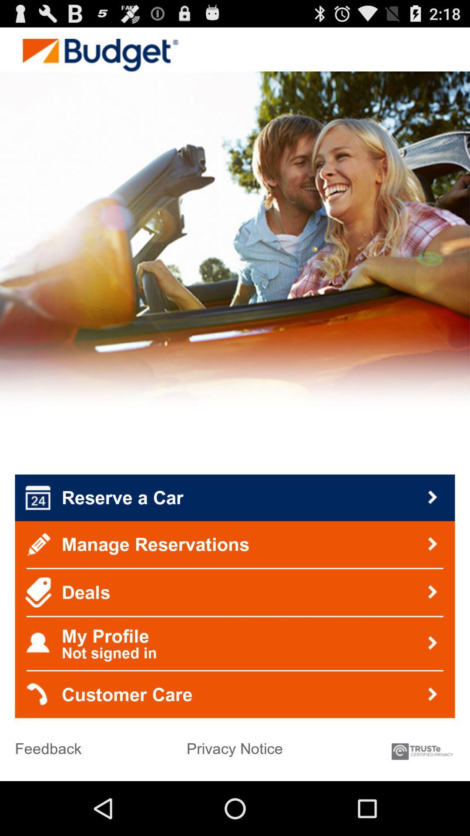 This screenshot has height=836, width=470. Describe the element at coordinates (48, 745) in the screenshot. I see `the feedback at the bottom left corner` at that location.